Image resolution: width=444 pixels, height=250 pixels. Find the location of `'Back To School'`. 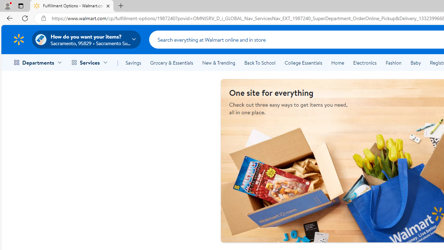

'Back To School' is located at coordinates (259, 63).